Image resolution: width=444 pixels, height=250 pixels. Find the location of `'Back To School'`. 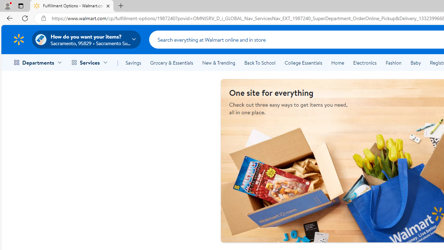

'Back To School' is located at coordinates (259, 63).